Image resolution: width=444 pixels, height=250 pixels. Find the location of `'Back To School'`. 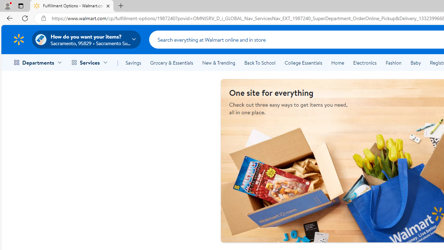

'Back To School' is located at coordinates (259, 63).